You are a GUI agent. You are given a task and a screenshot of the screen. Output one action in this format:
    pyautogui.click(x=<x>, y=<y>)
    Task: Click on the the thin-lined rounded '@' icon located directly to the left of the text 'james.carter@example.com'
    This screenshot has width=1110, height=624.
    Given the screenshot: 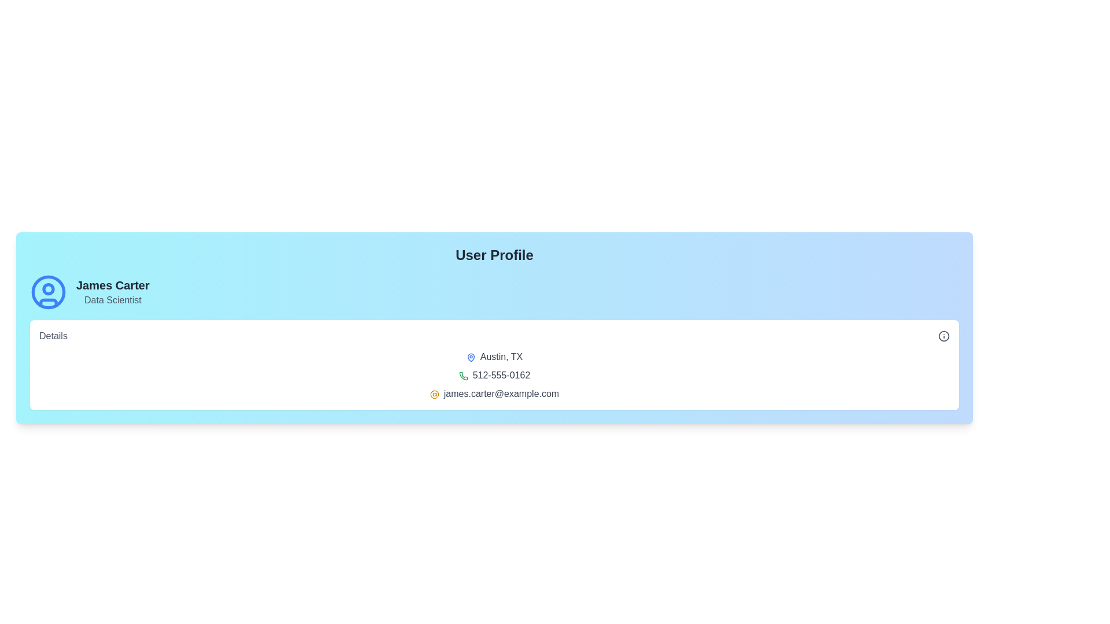 What is the action you would take?
    pyautogui.click(x=434, y=393)
    